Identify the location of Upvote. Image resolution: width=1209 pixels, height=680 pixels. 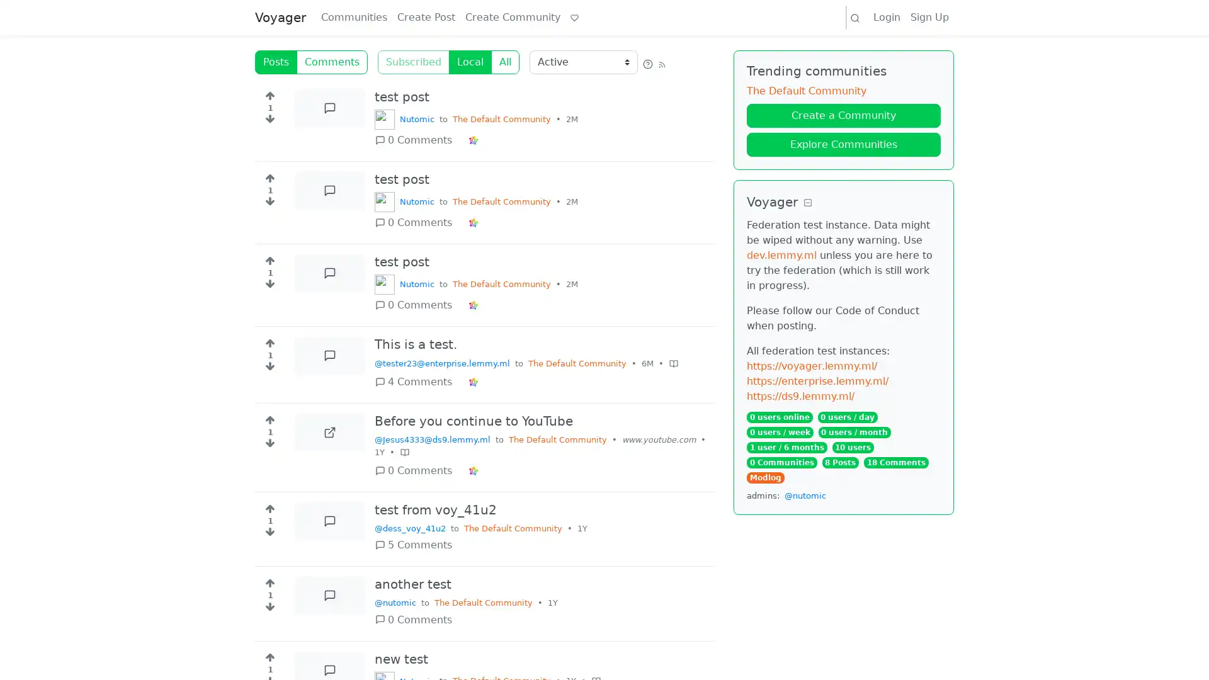
(269, 340).